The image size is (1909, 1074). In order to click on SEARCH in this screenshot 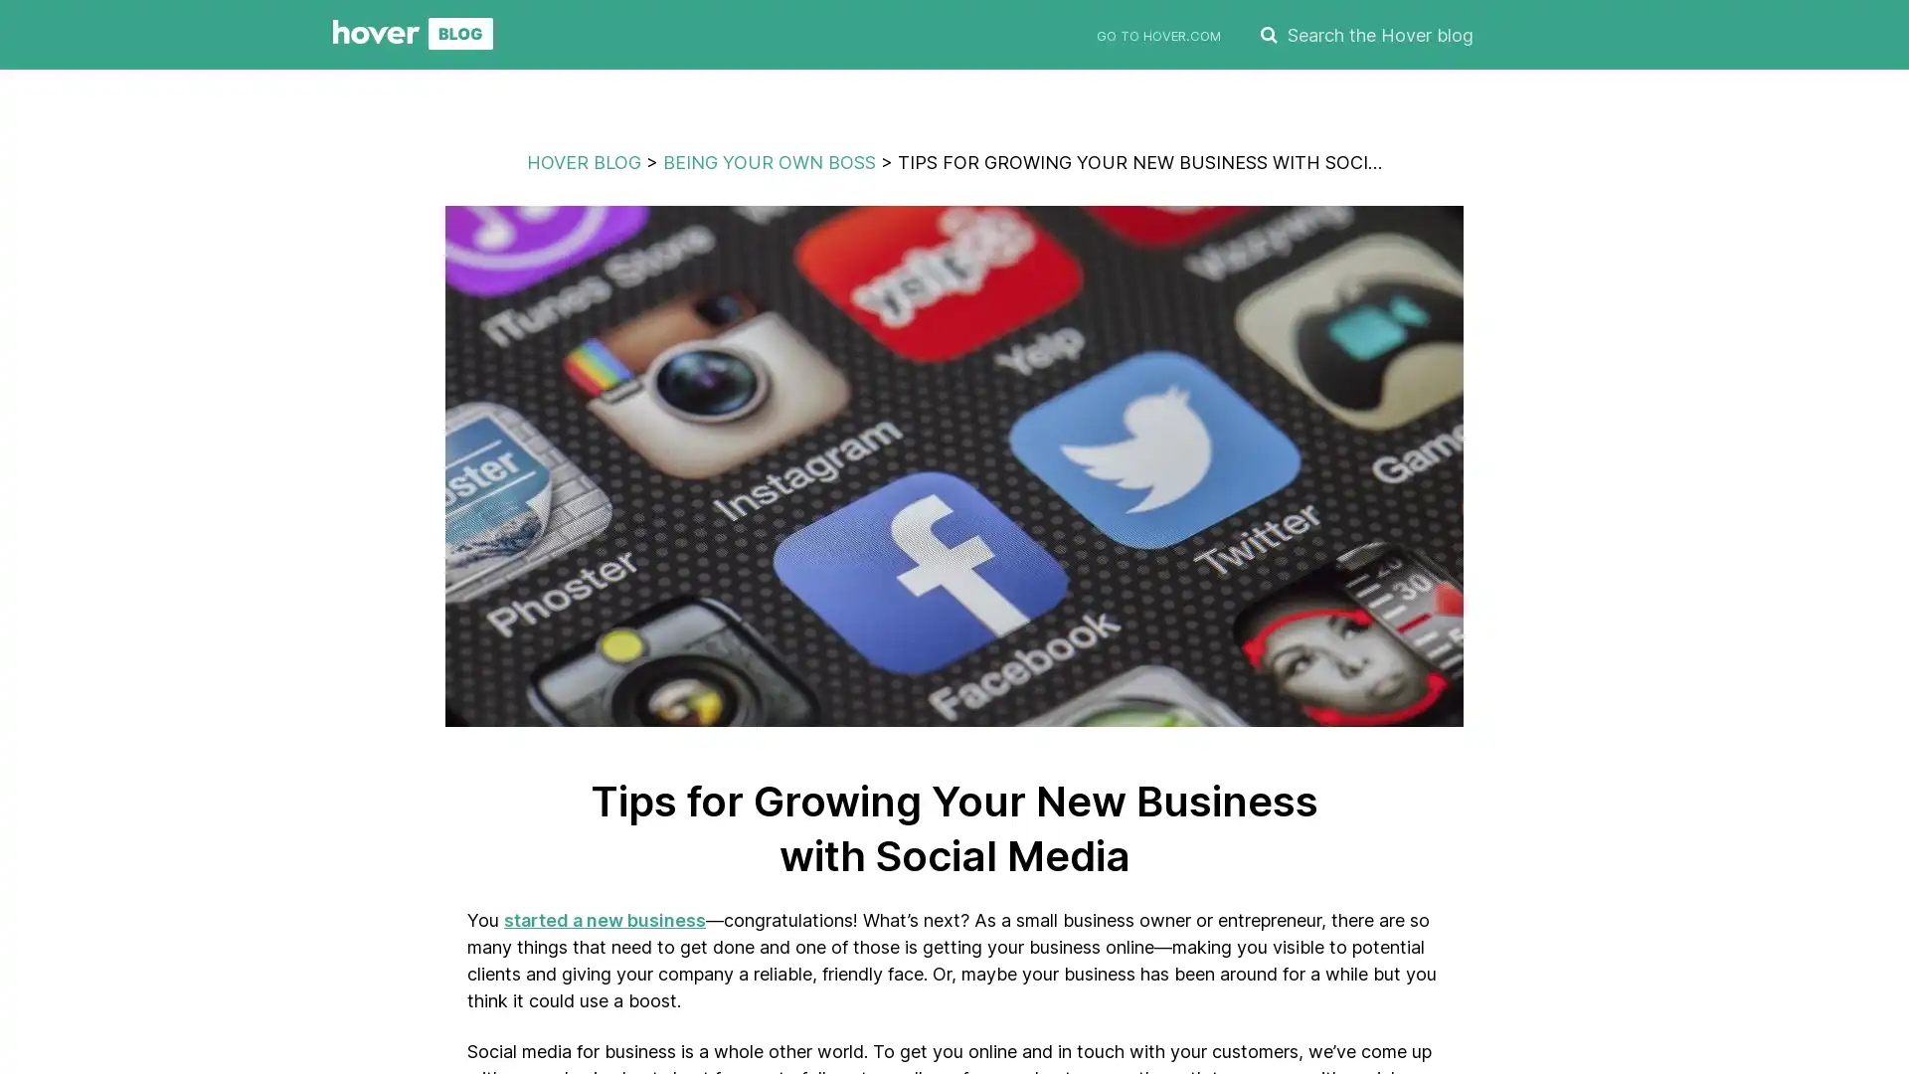, I will do `click(1268, 34)`.